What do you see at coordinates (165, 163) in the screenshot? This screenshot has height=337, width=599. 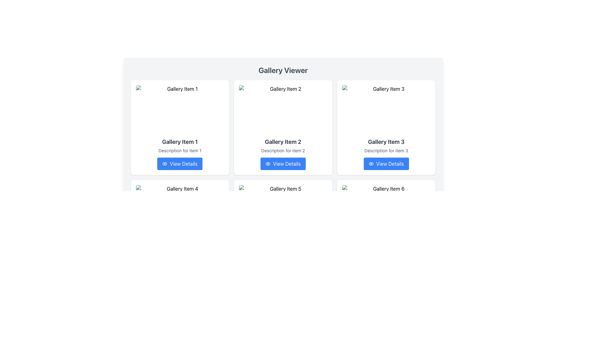 I see `the eye icon located on the leftmost portion of the 'View Details' button for Gallery Item 1` at bounding box center [165, 163].